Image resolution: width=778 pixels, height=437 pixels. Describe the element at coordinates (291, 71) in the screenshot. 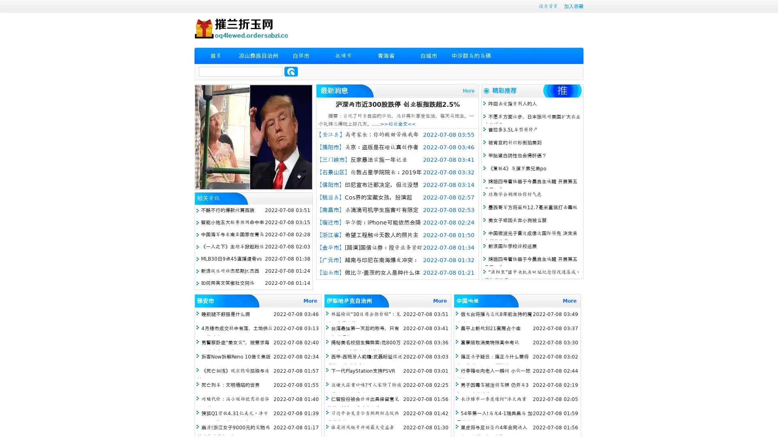

I see `Search` at that location.